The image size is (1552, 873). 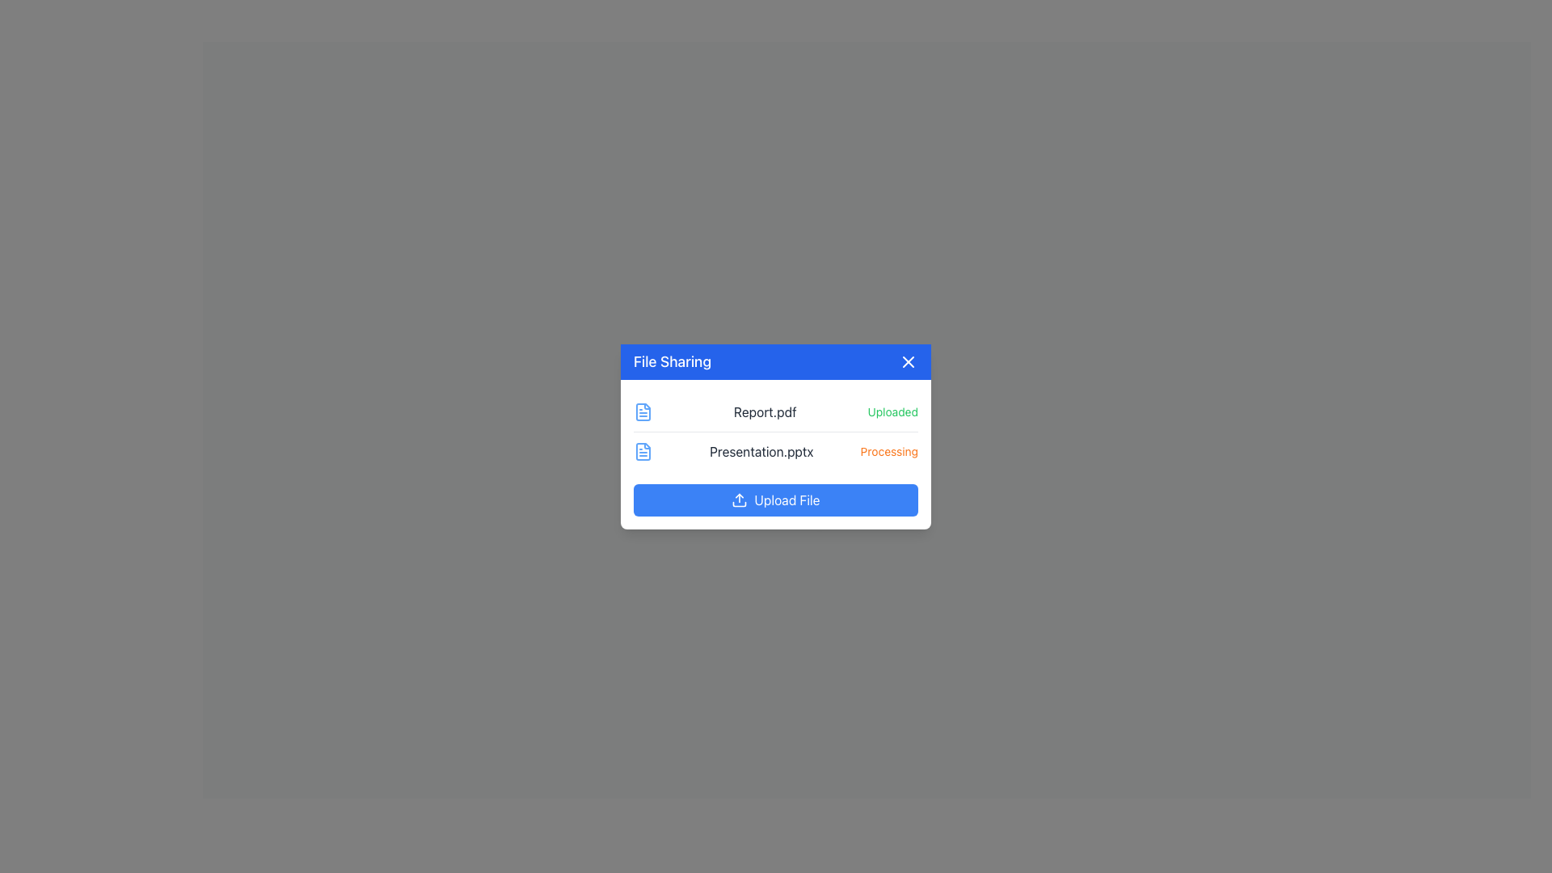 What do you see at coordinates (643, 411) in the screenshot?
I see `the SVG graphic icon that serves as a visual indicator for a file or document, located to the left of the 'Report.pdf' filename` at bounding box center [643, 411].